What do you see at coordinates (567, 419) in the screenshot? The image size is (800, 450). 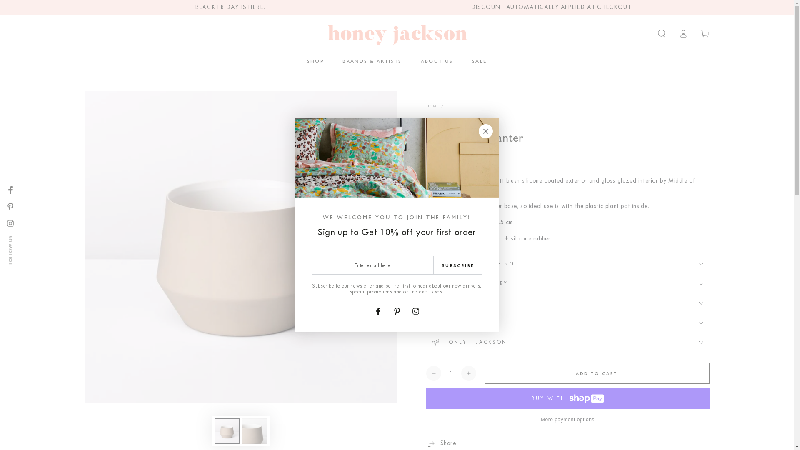 I see `'More payment options'` at bounding box center [567, 419].